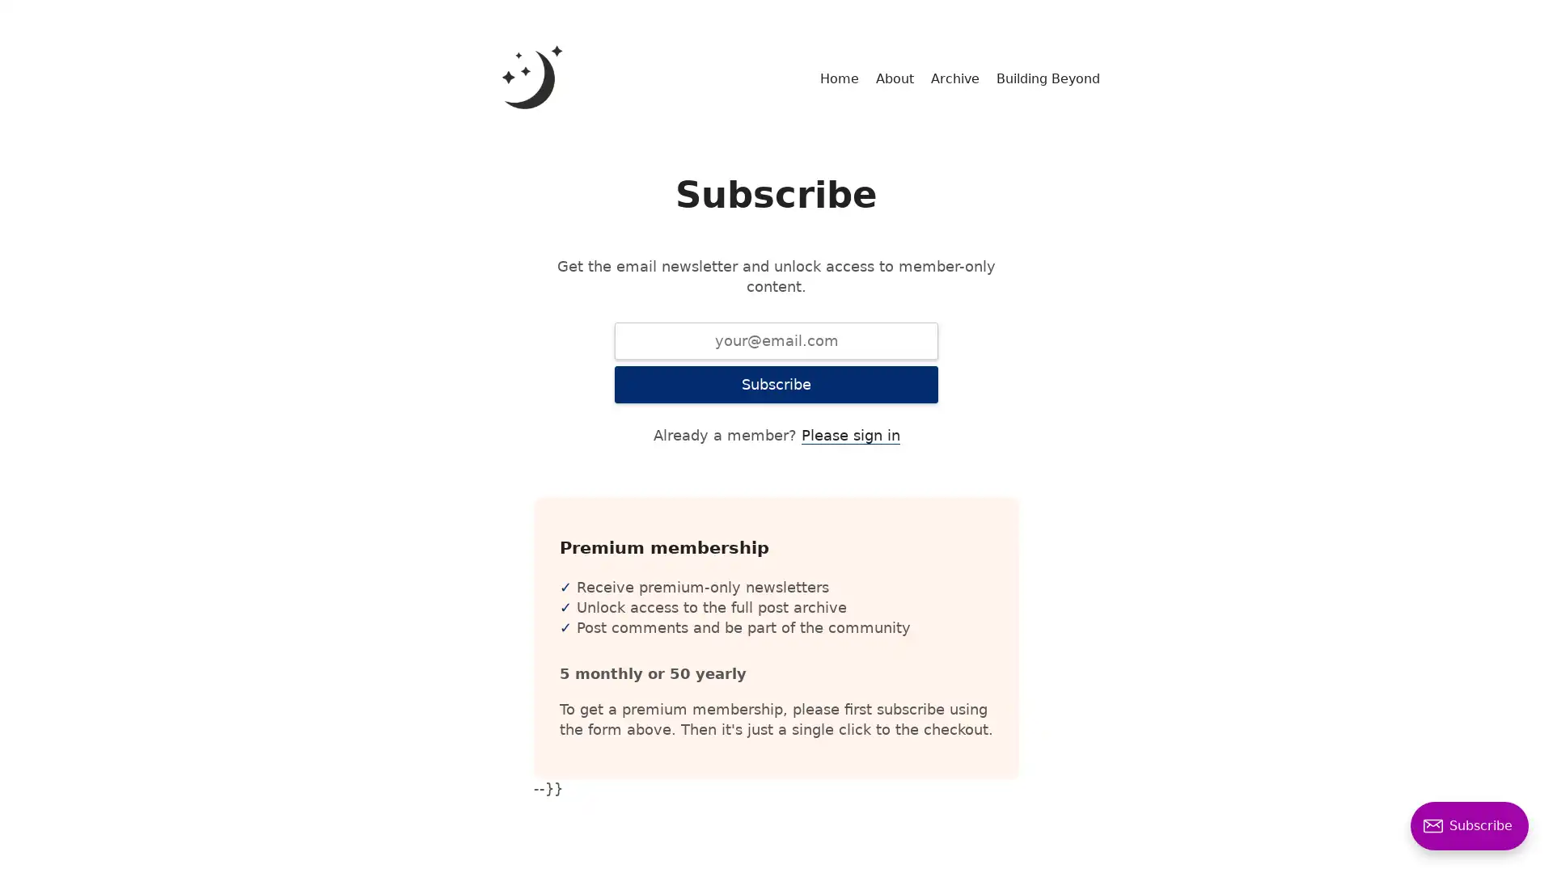 This screenshot has height=873, width=1553. I want to click on Subscribe, so click(776, 384).